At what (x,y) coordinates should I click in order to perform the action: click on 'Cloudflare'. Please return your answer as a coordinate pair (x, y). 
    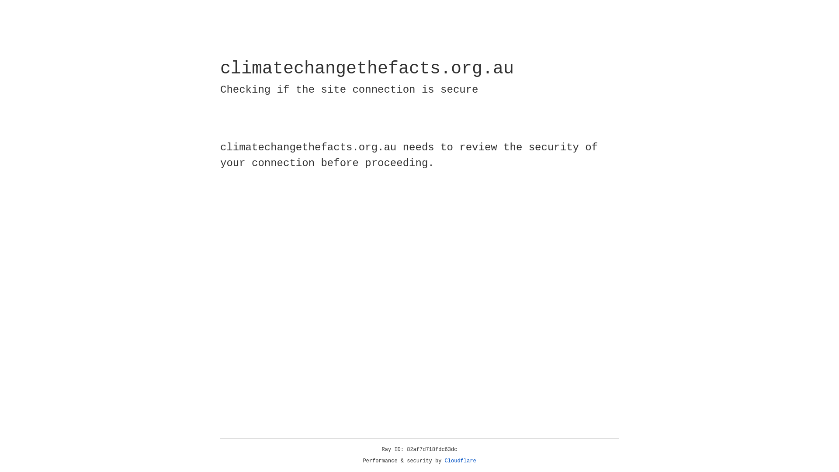
    Looking at the image, I should click on (444, 461).